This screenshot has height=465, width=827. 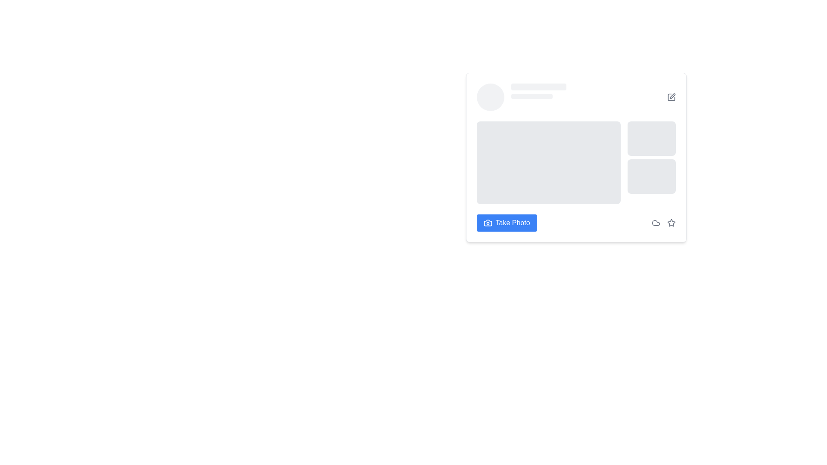 I want to click on the cloud icon in the icon group located at the bottom right corner of the interface, so click(x=663, y=222).